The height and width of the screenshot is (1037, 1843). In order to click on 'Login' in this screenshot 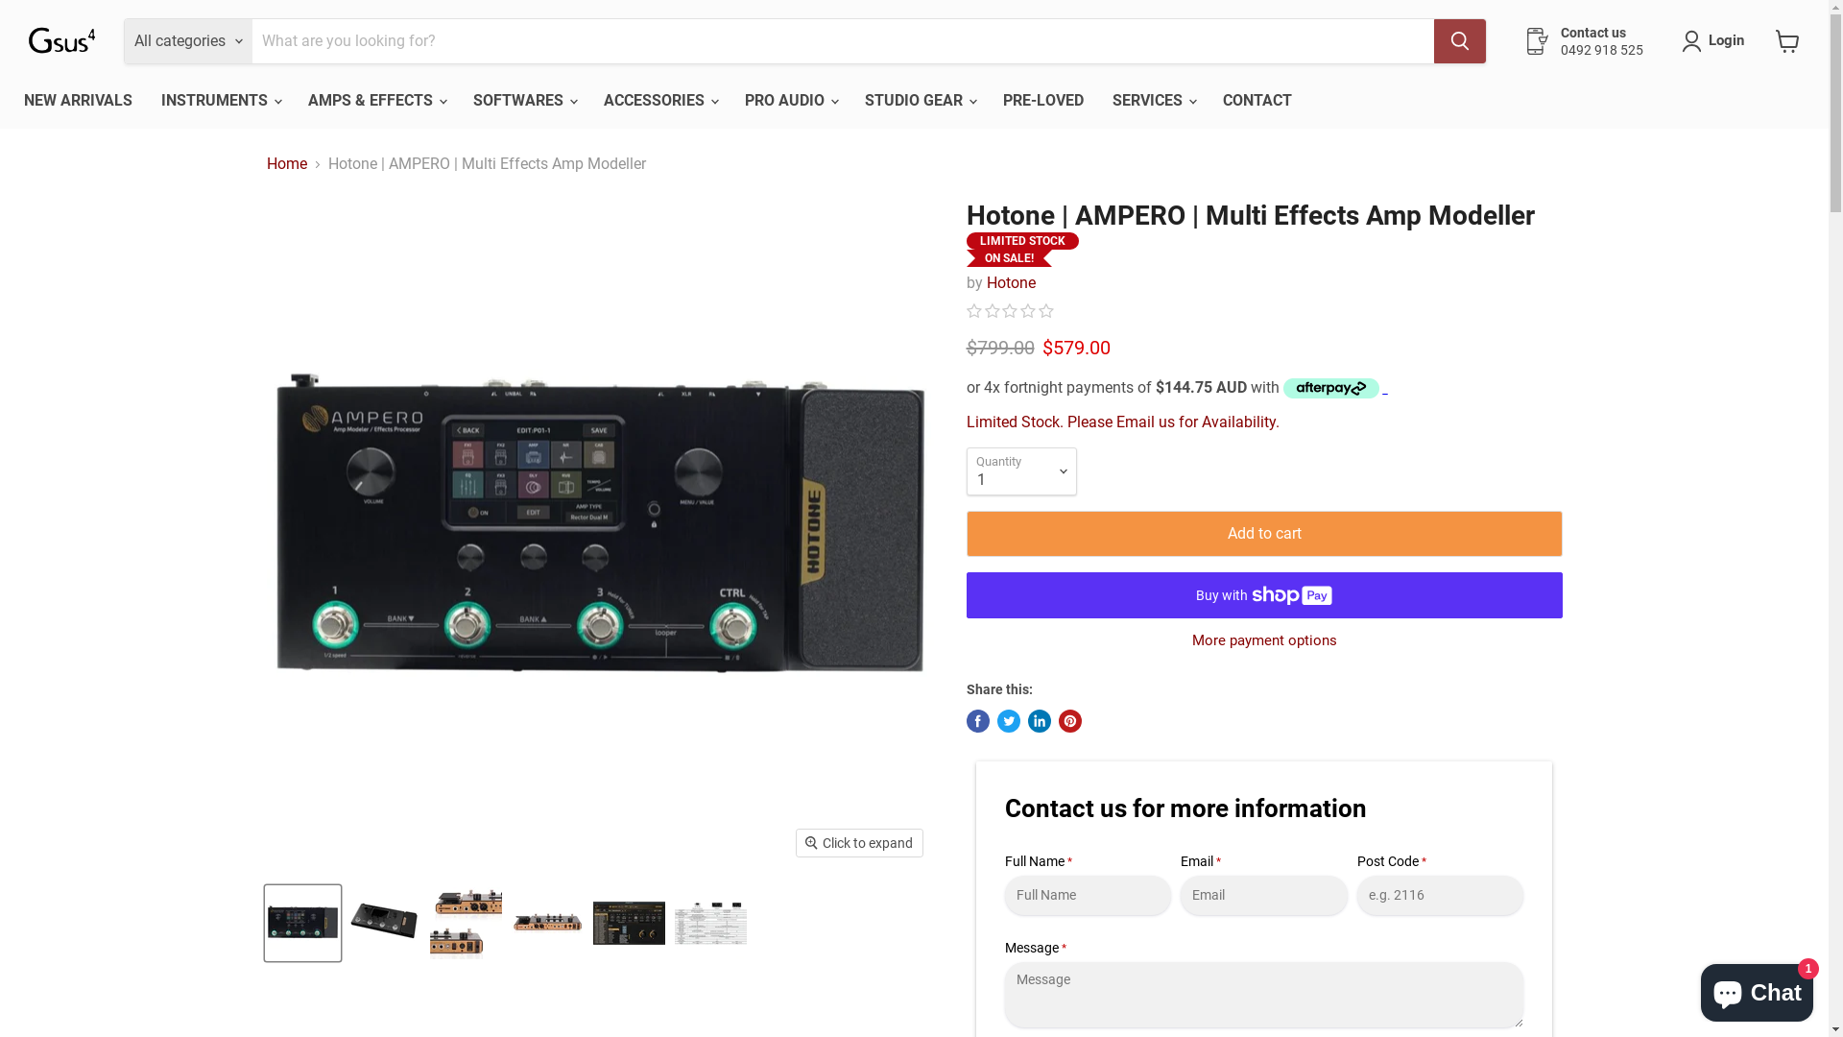, I will do `click(1726, 40)`.